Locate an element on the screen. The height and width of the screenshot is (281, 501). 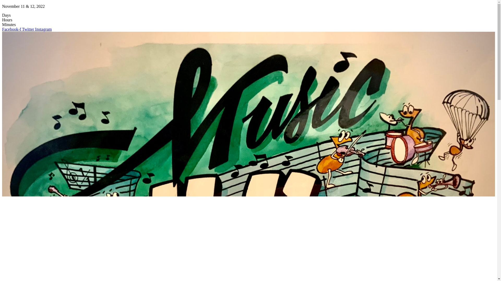
'Facebook-f' is located at coordinates (12, 29).